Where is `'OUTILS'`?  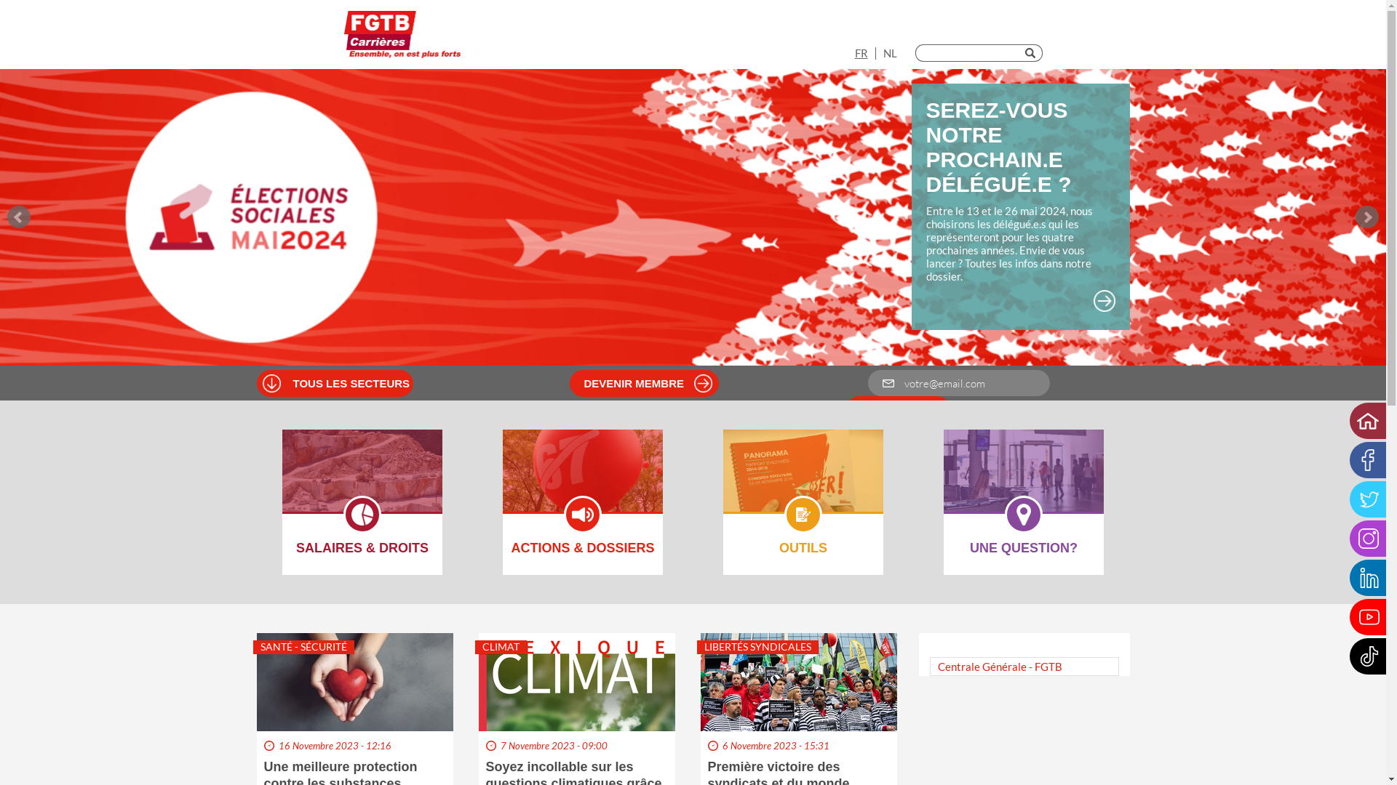
'OUTILS' is located at coordinates (803, 480).